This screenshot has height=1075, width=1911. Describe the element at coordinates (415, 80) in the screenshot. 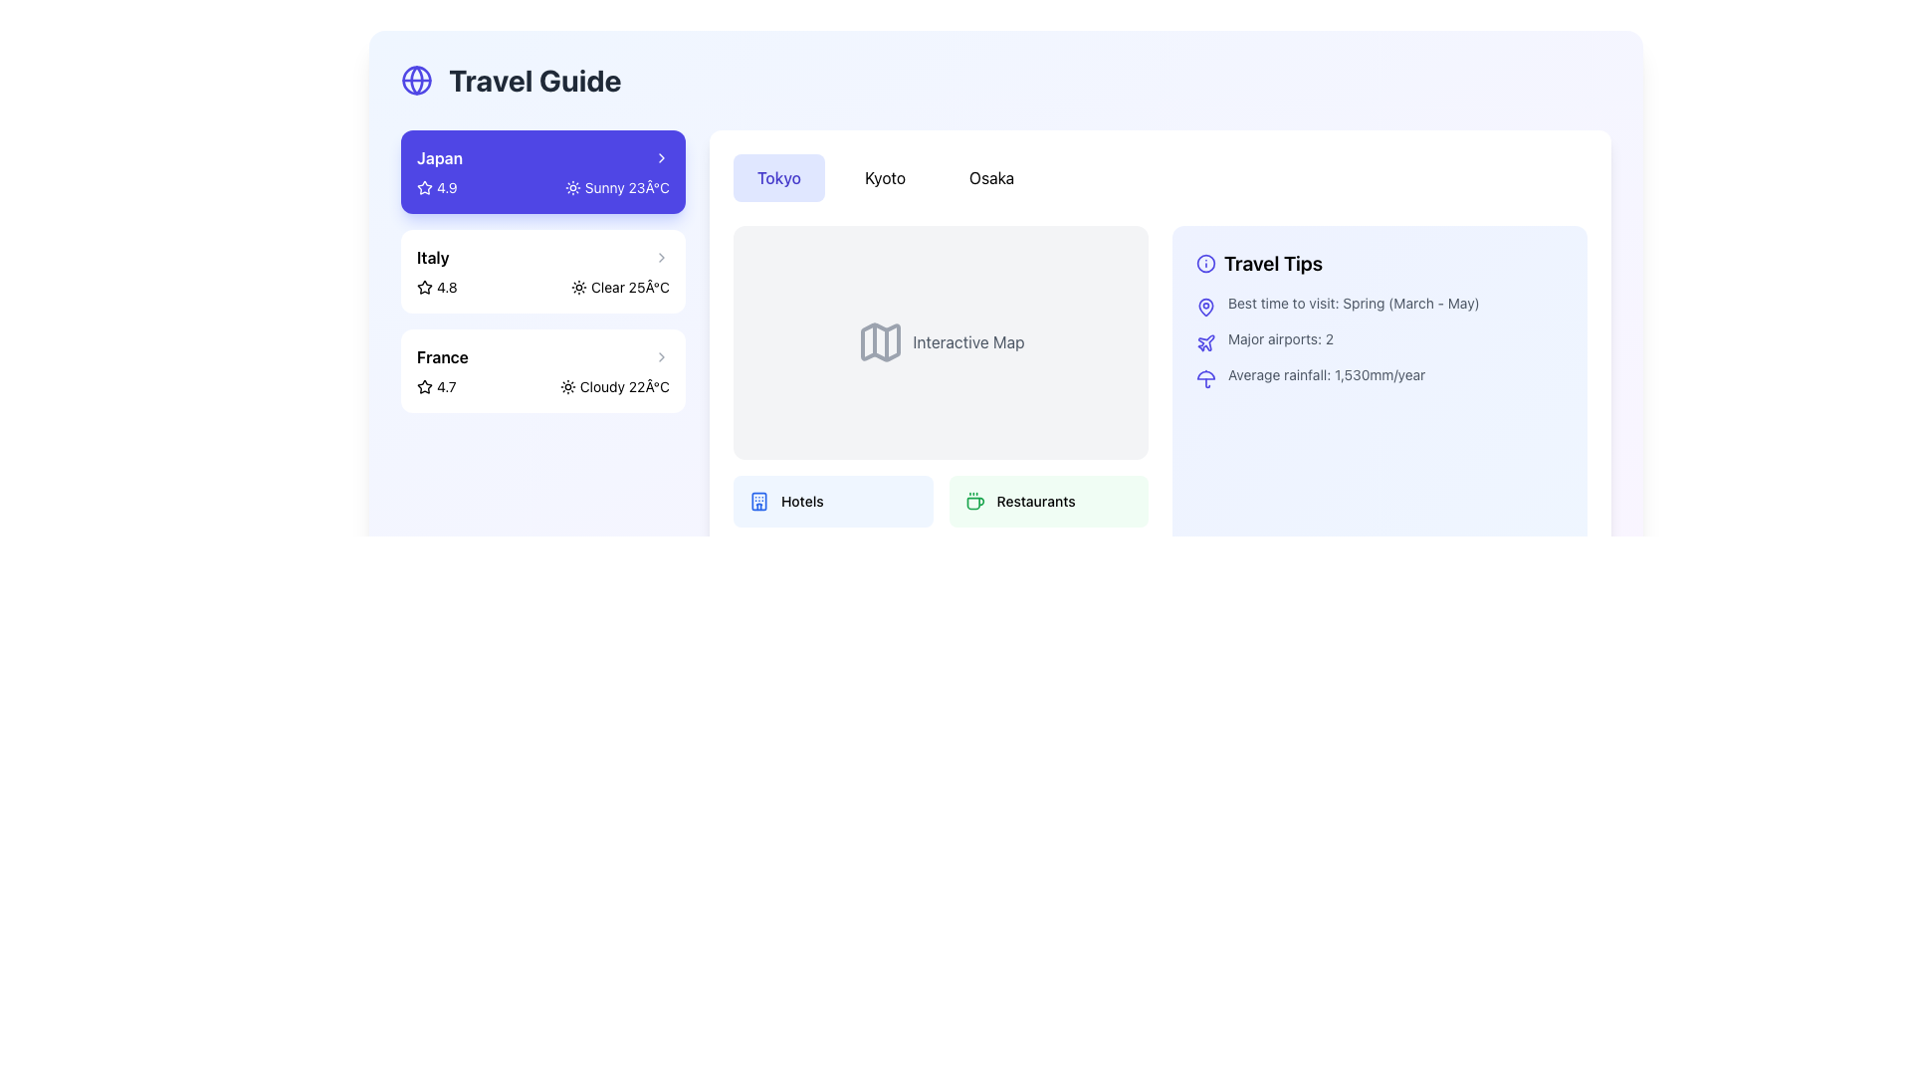

I see `the globe icon located at the left-most side of the header section, next to the 'Travel Guide' title` at that location.